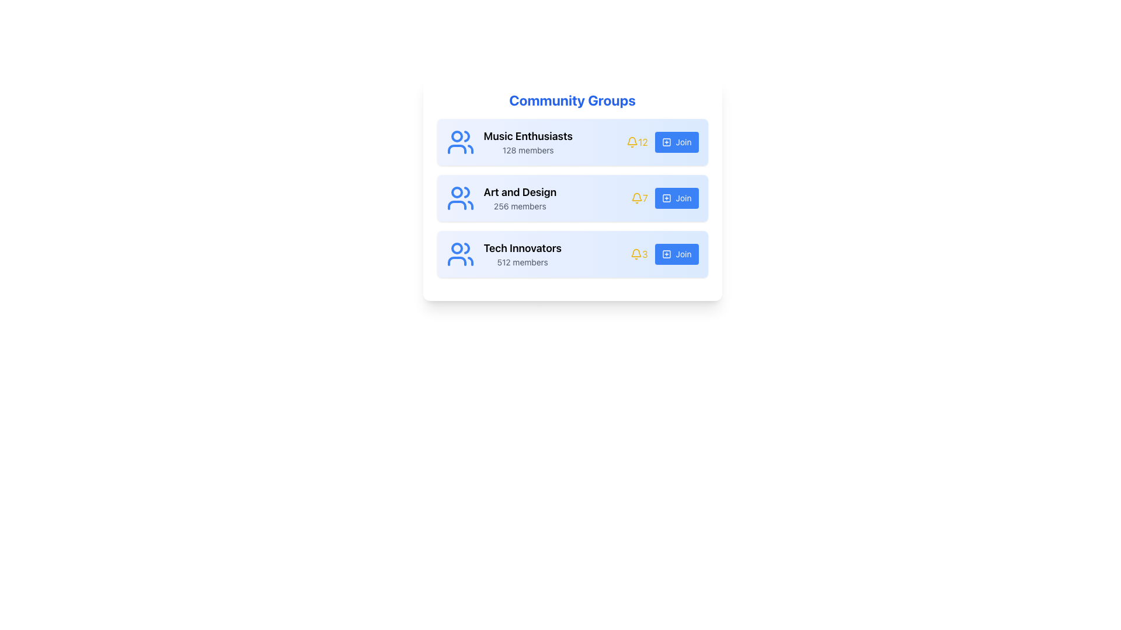 This screenshot has height=630, width=1121. I want to click on the 'Music Enthusiasts' group information panel to trigger visual feedback, so click(572, 141).